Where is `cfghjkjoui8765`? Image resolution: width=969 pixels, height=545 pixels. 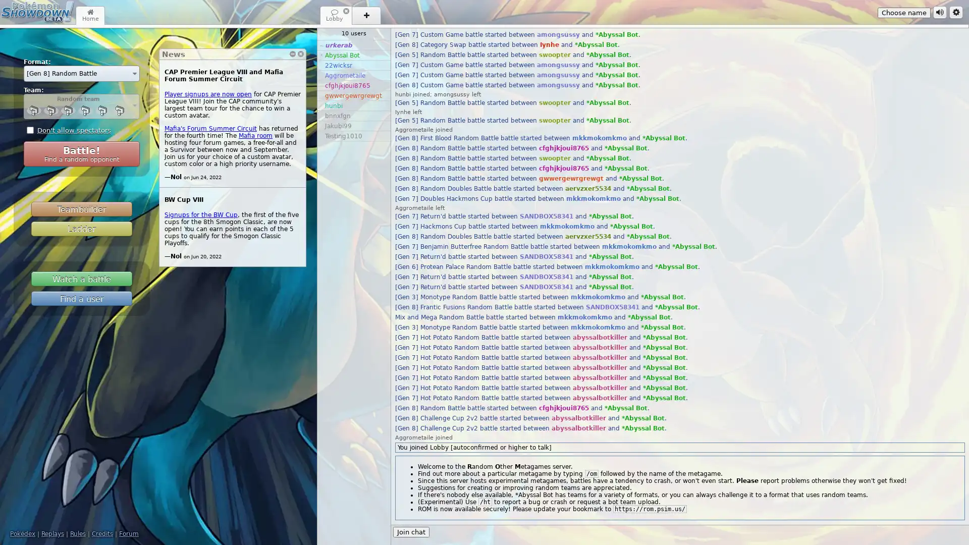 cfghjkjoui8765 is located at coordinates (354, 85).